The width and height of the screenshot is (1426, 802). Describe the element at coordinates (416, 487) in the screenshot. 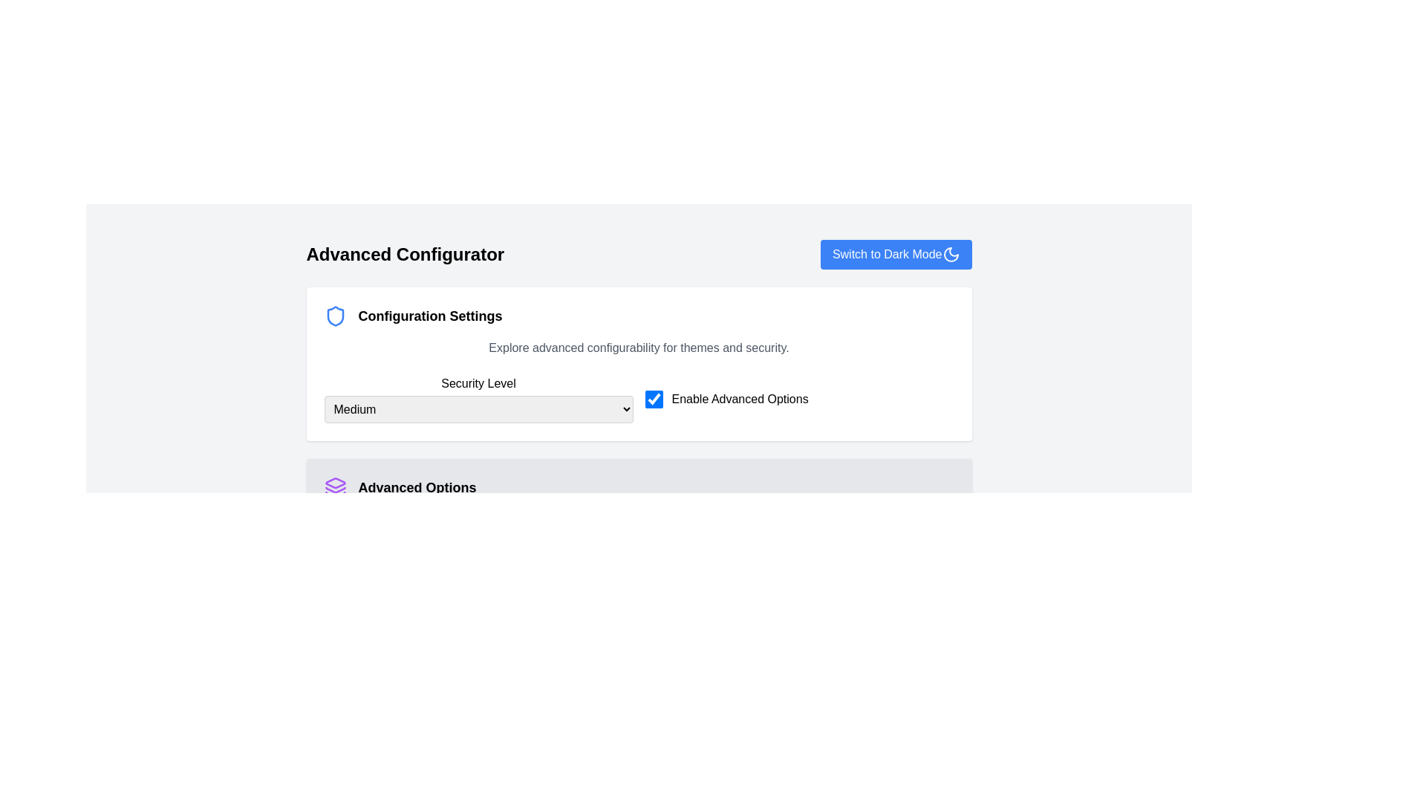

I see `the 'Advanced Options' text label styled with a bold, larger font size, which is located next to a purple icon resembling layered sheets` at that location.